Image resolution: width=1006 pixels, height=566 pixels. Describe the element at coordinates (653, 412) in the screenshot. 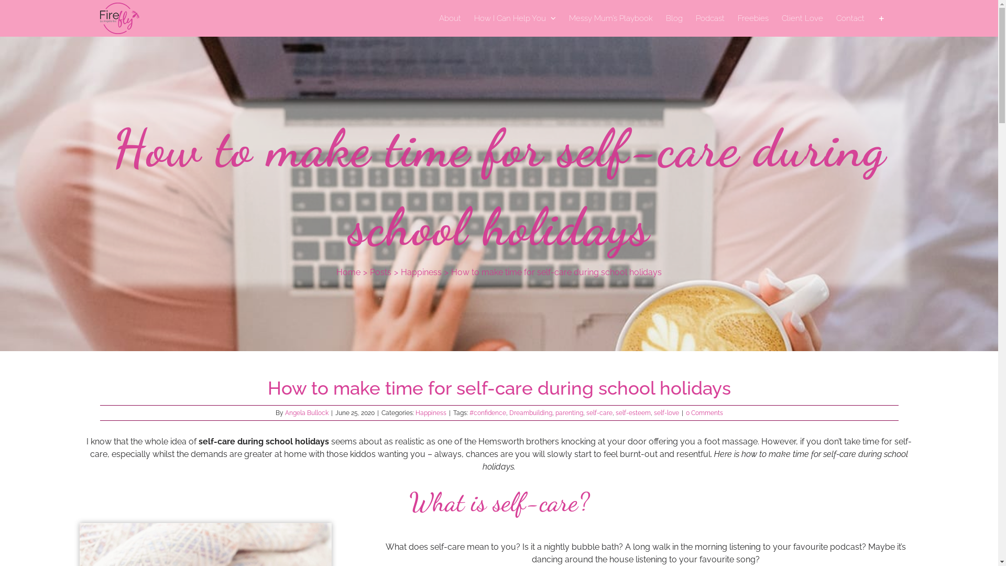

I see `'self-love'` at that location.